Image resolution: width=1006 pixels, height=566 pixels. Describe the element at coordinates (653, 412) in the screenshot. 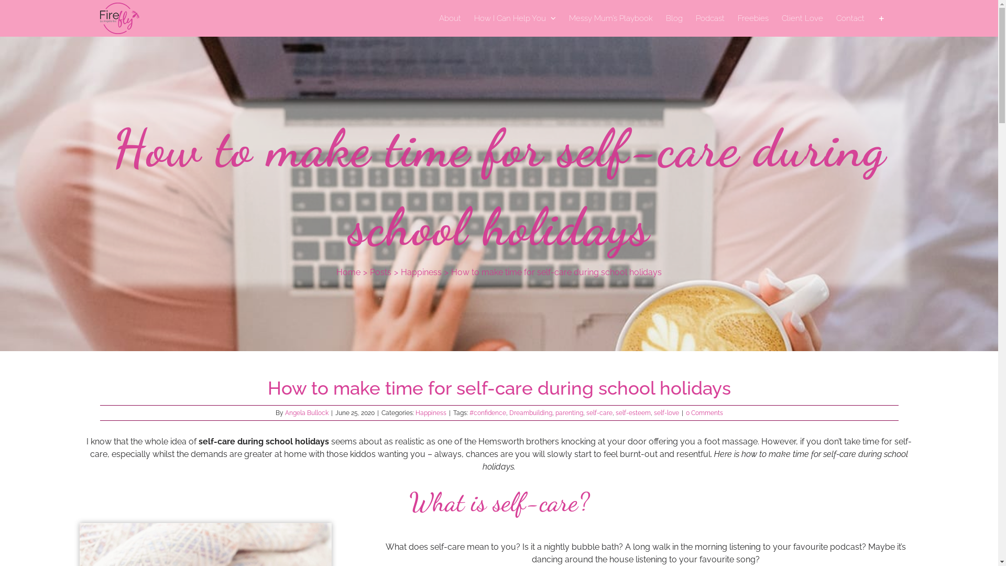

I see `'self-love'` at that location.